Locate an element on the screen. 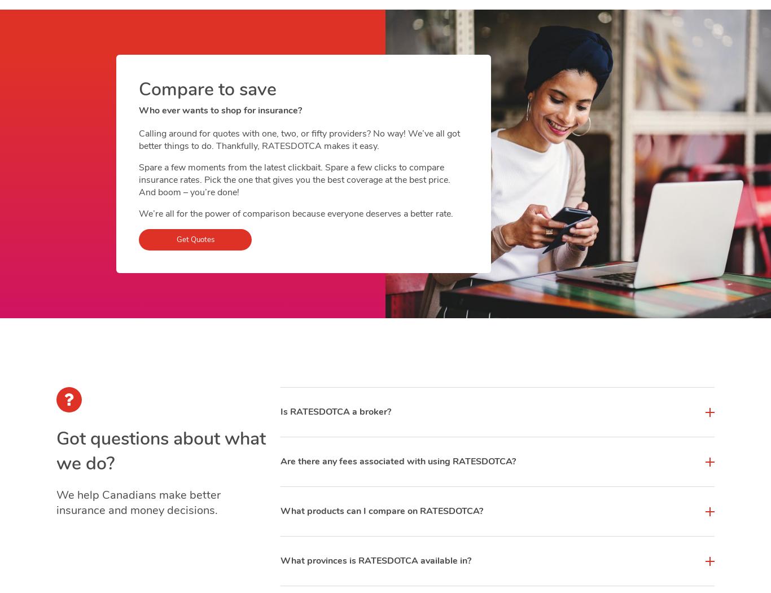 This screenshot has height=593, width=771. 'Is RATESDOTCA a broker?' is located at coordinates (334, 412).